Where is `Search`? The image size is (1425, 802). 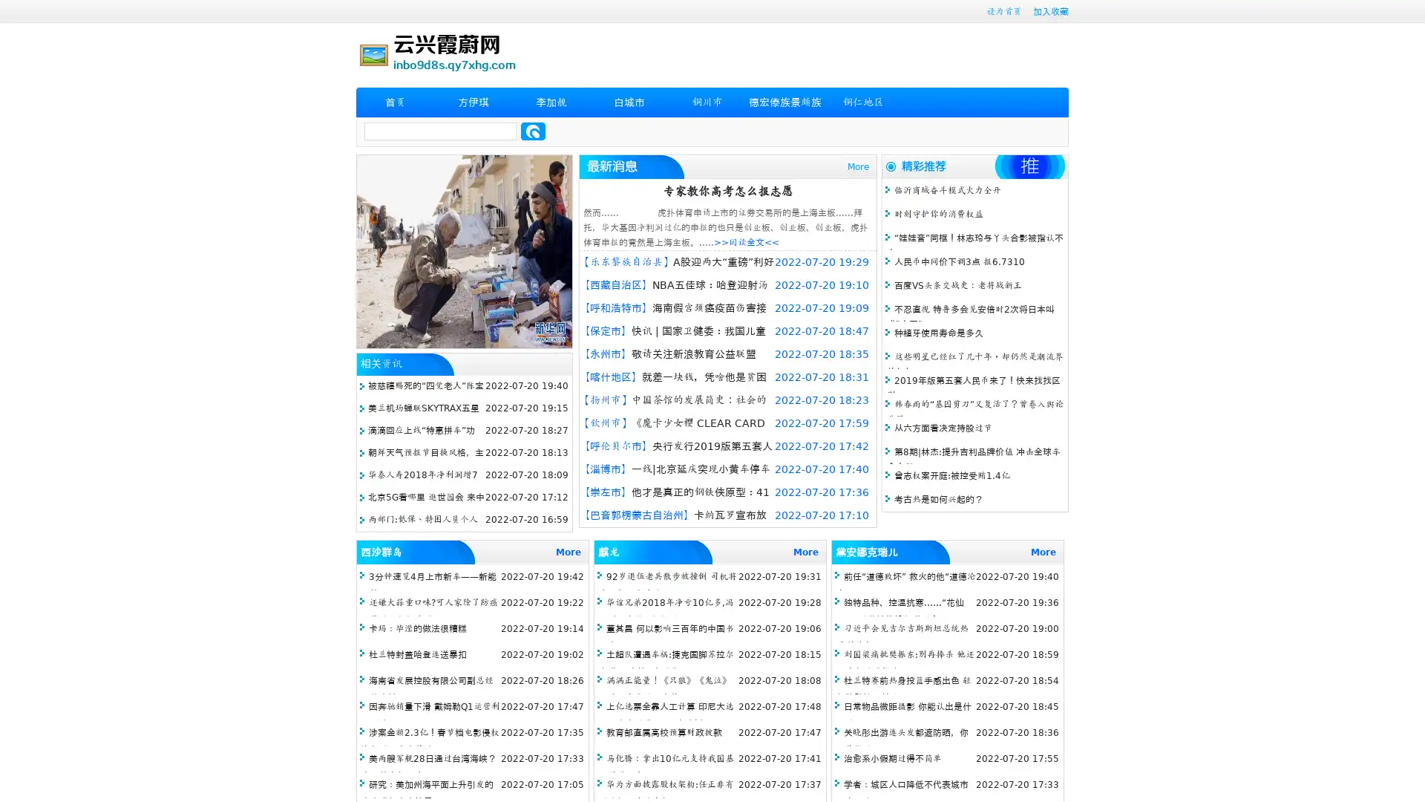
Search is located at coordinates (533, 131).